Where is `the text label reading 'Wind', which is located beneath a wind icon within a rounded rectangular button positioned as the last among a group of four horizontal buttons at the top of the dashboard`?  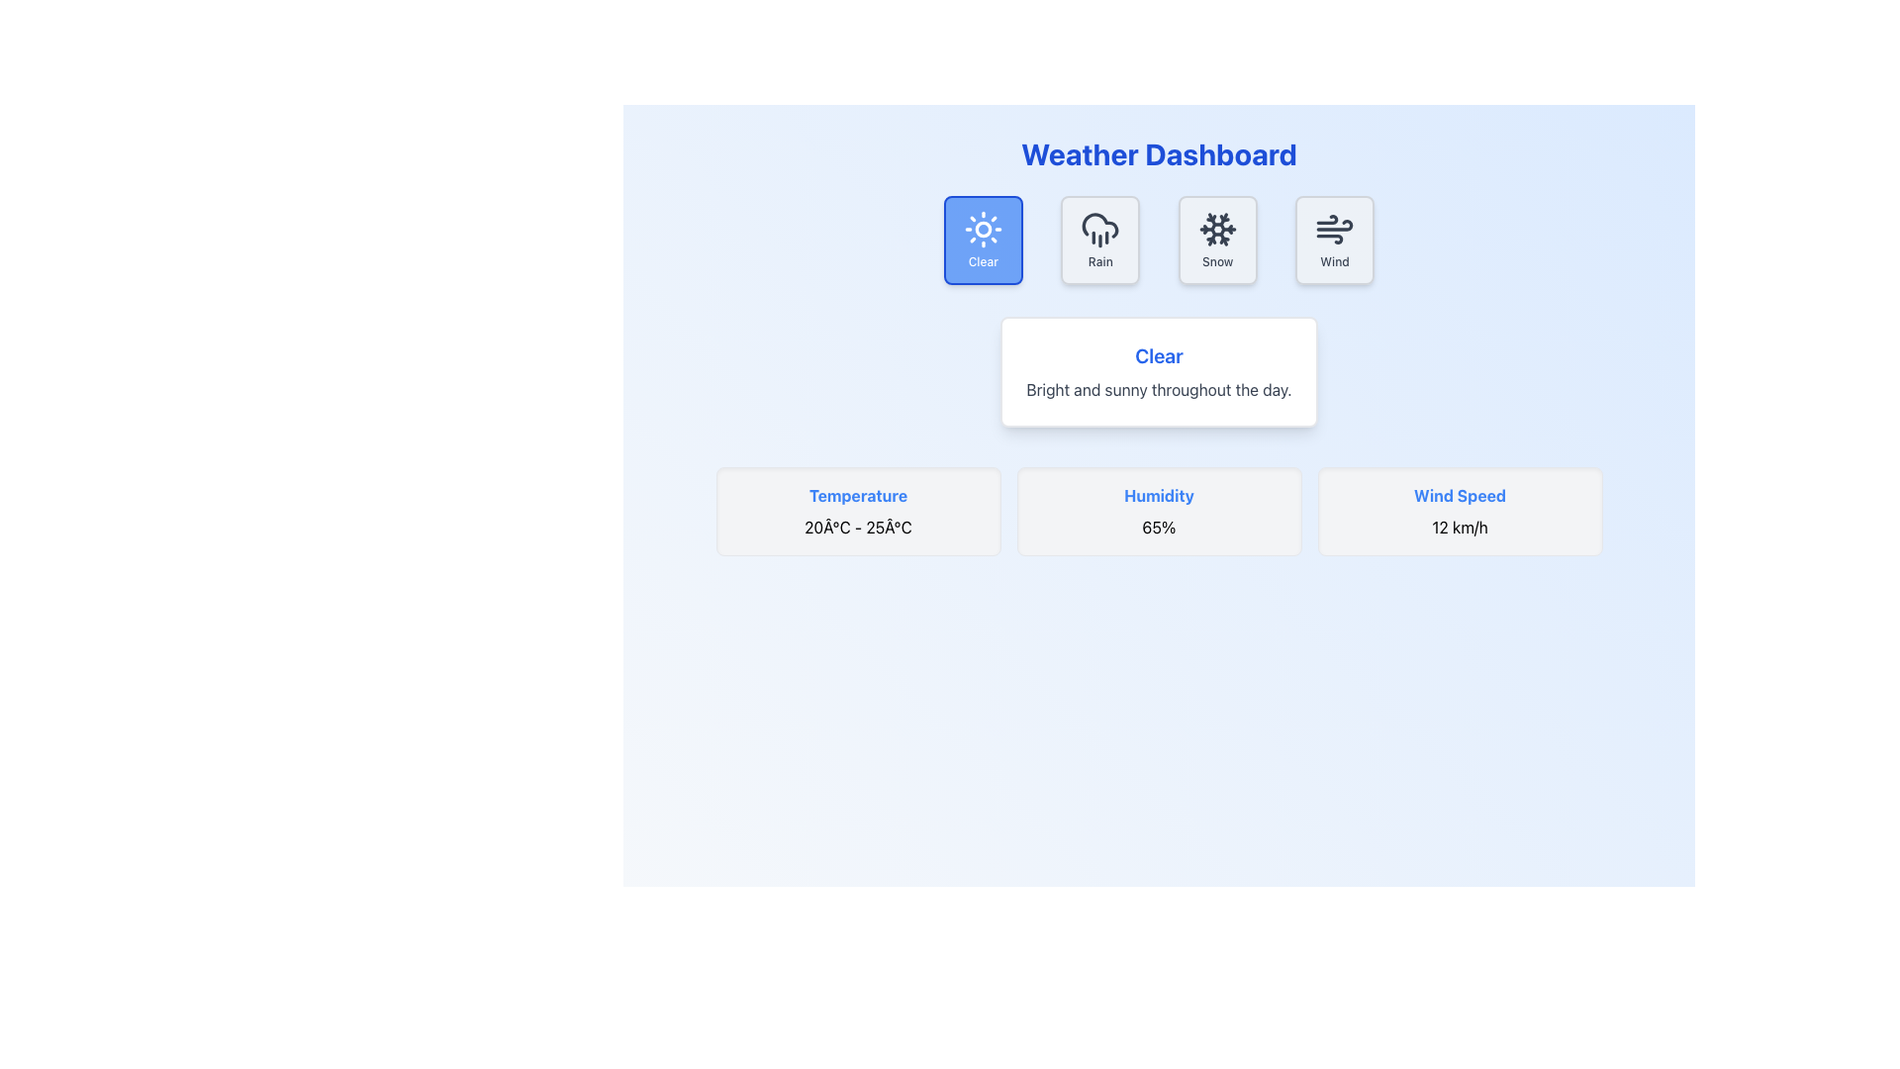
the text label reading 'Wind', which is located beneath a wind icon within a rounded rectangular button positioned as the last among a group of four horizontal buttons at the top of the dashboard is located at coordinates (1334, 261).